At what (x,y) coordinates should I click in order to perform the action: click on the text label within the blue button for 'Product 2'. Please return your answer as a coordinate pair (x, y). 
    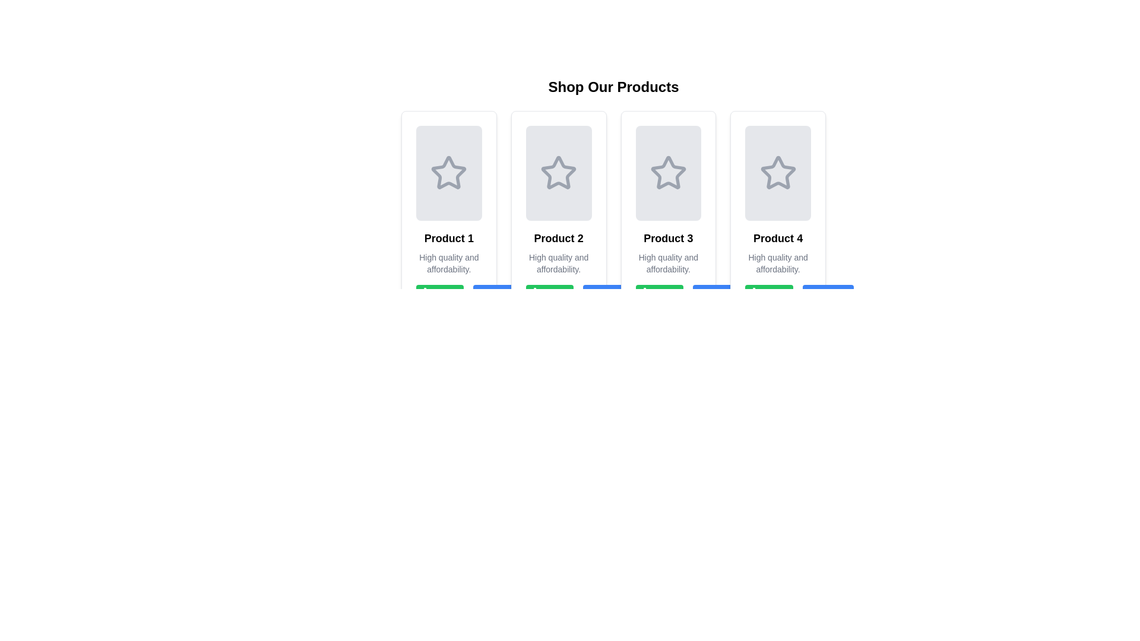
    Looking at the image, I should click on (507, 294).